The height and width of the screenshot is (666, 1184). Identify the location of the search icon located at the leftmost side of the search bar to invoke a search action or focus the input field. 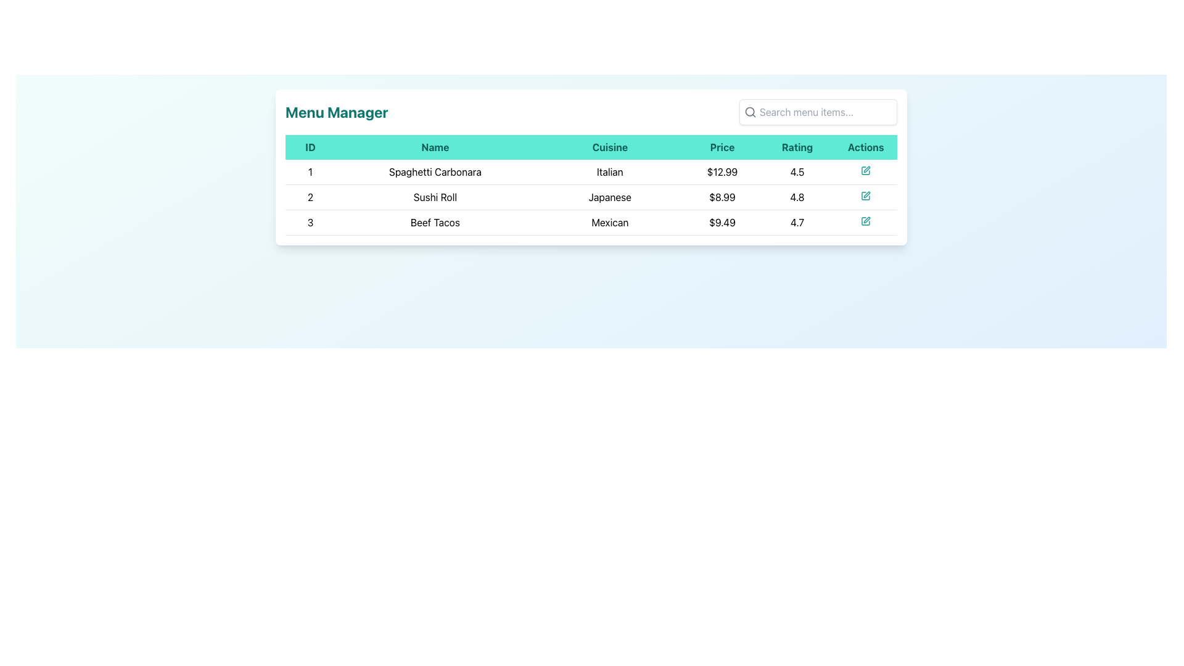
(750, 112).